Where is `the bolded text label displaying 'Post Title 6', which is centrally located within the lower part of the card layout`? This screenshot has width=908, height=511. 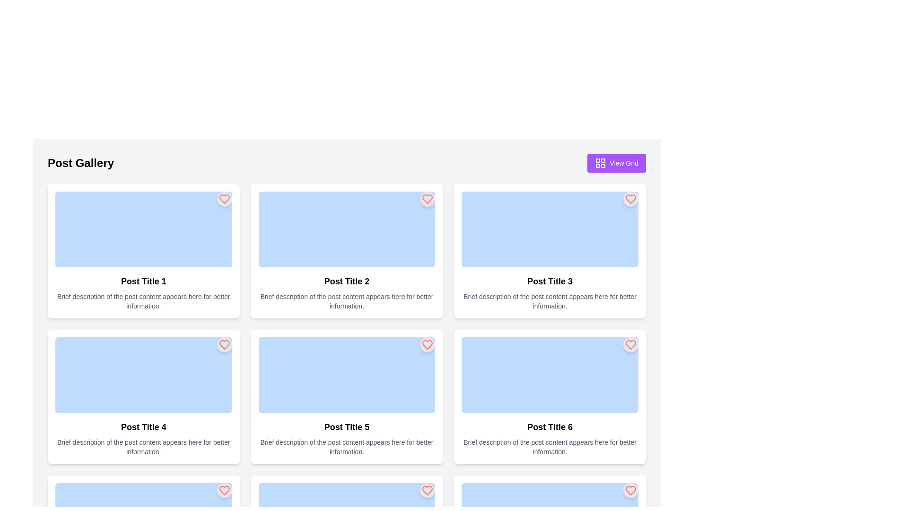 the bolded text label displaying 'Post Title 6', which is centrally located within the lower part of the card layout is located at coordinates (550, 427).